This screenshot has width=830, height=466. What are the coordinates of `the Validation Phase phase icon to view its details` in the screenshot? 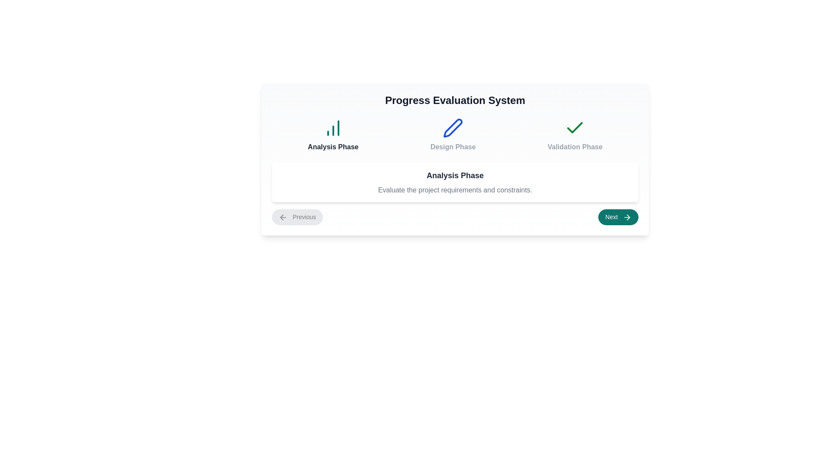 It's located at (575, 135).